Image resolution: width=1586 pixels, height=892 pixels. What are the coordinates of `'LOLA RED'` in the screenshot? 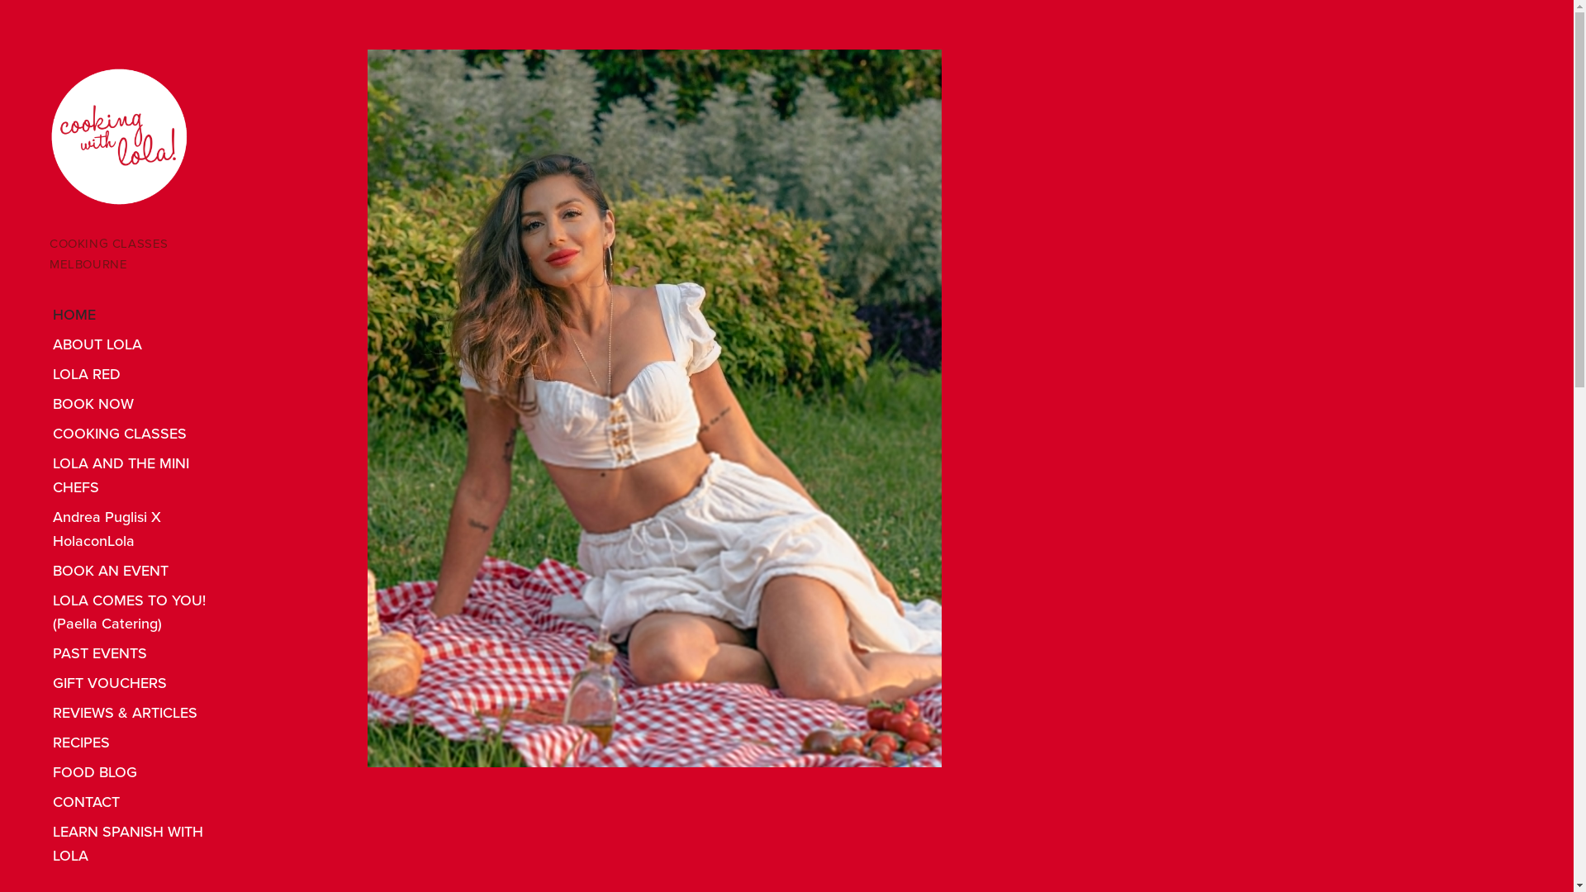 It's located at (138, 373).